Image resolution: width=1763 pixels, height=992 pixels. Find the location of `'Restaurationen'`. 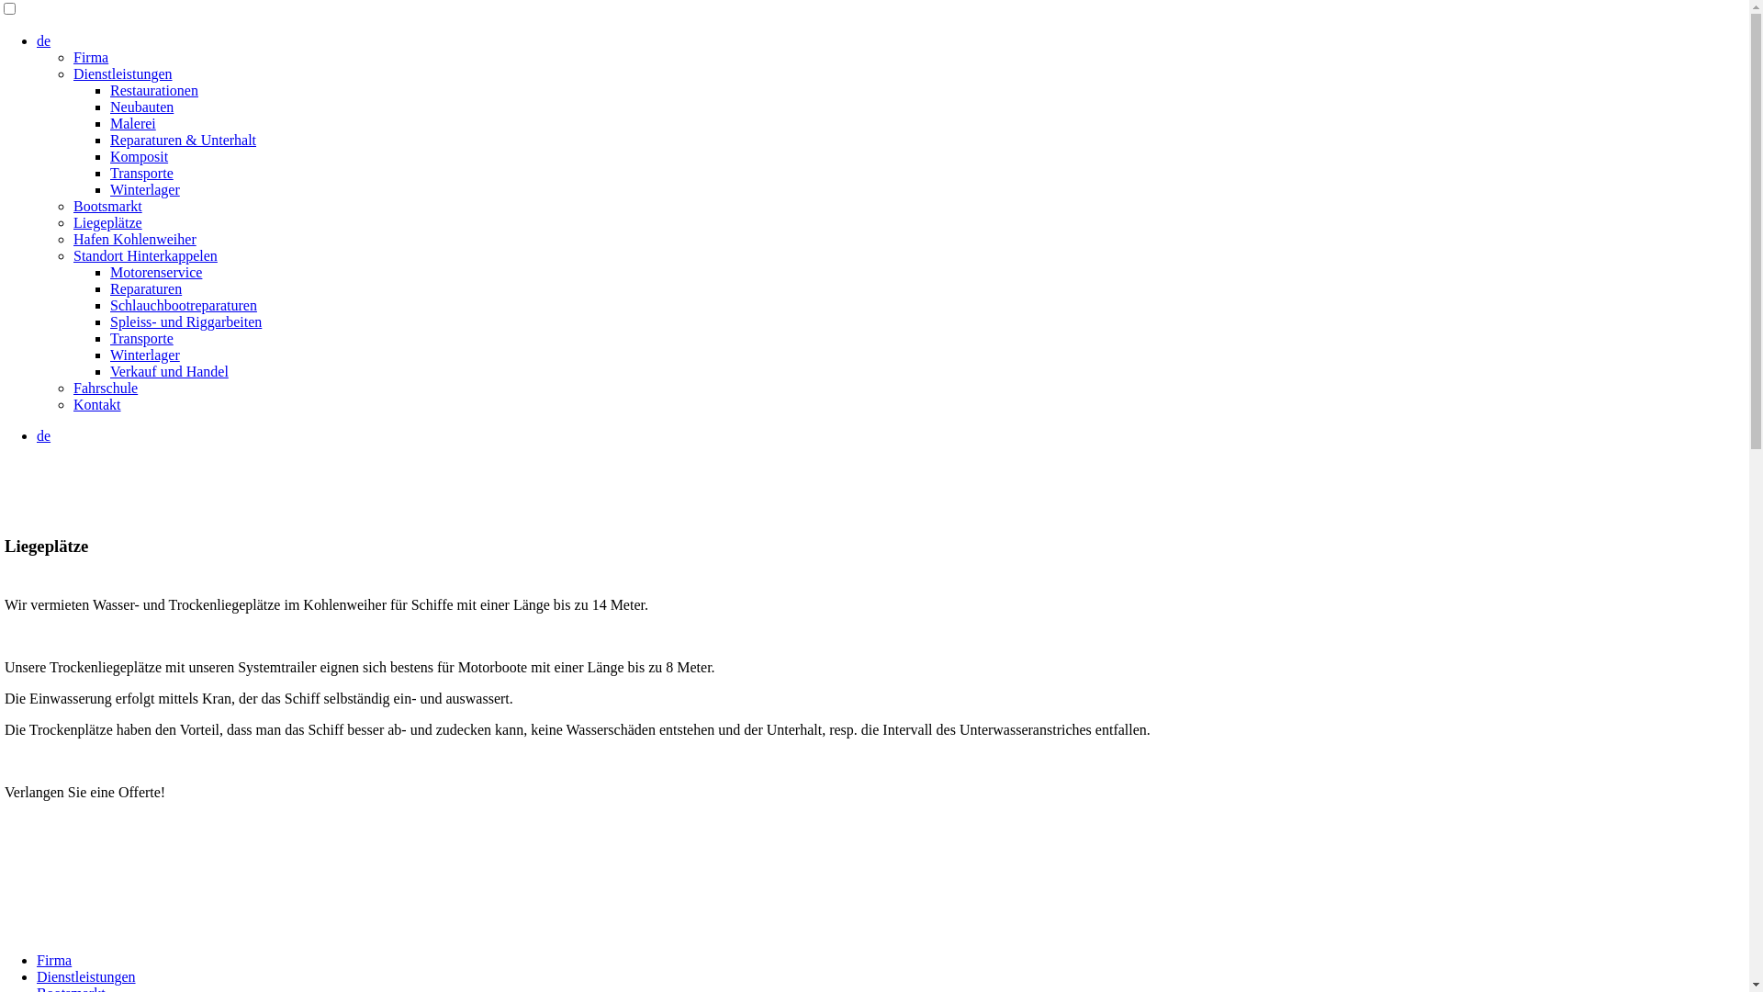

'Restaurationen' is located at coordinates (154, 90).